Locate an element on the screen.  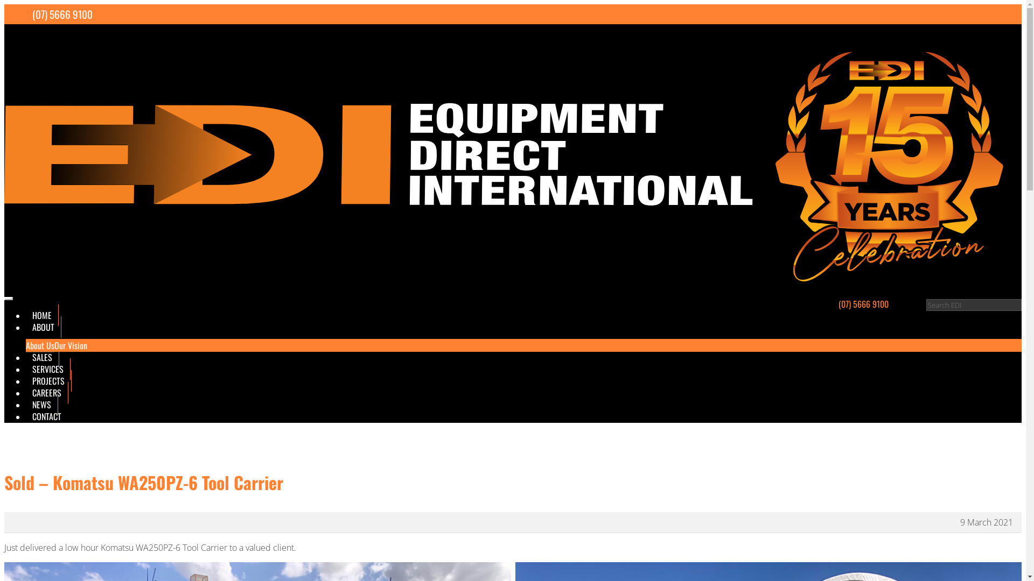
'ABOUT' is located at coordinates (26, 327).